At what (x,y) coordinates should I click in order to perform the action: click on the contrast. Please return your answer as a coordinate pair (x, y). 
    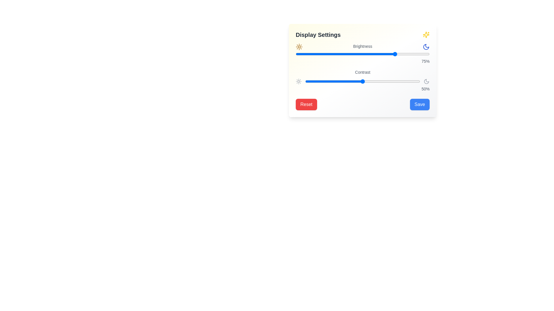
    Looking at the image, I should click on (368, 81).